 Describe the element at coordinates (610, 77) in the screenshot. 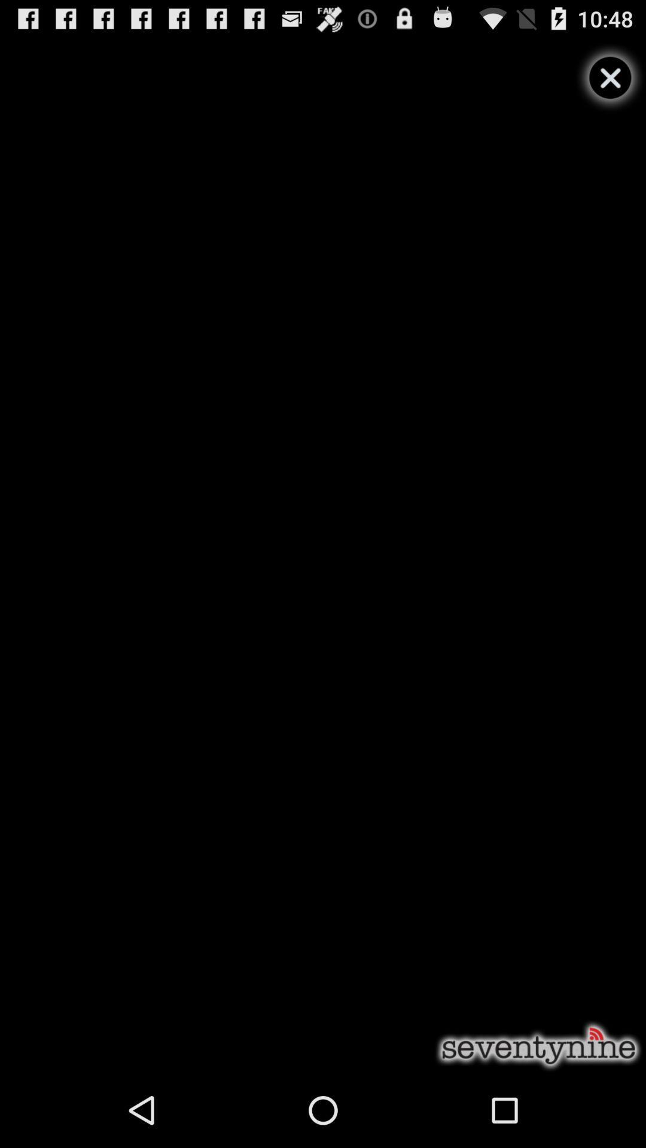

I see `the item at the top right corner` at that location.